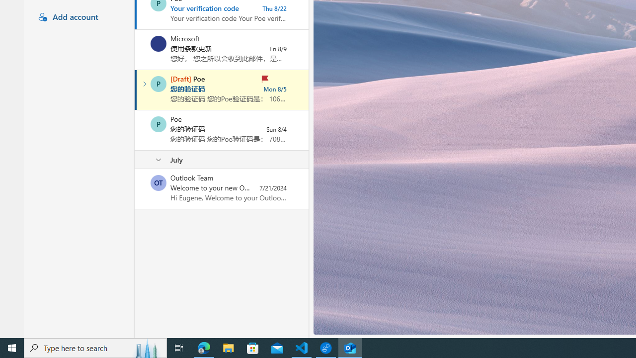 The image size is (636, 358). What do you see at coordinates (135, 90) in the screenshot?
I see `'Mark as read'` at bounding box center [135, 90].